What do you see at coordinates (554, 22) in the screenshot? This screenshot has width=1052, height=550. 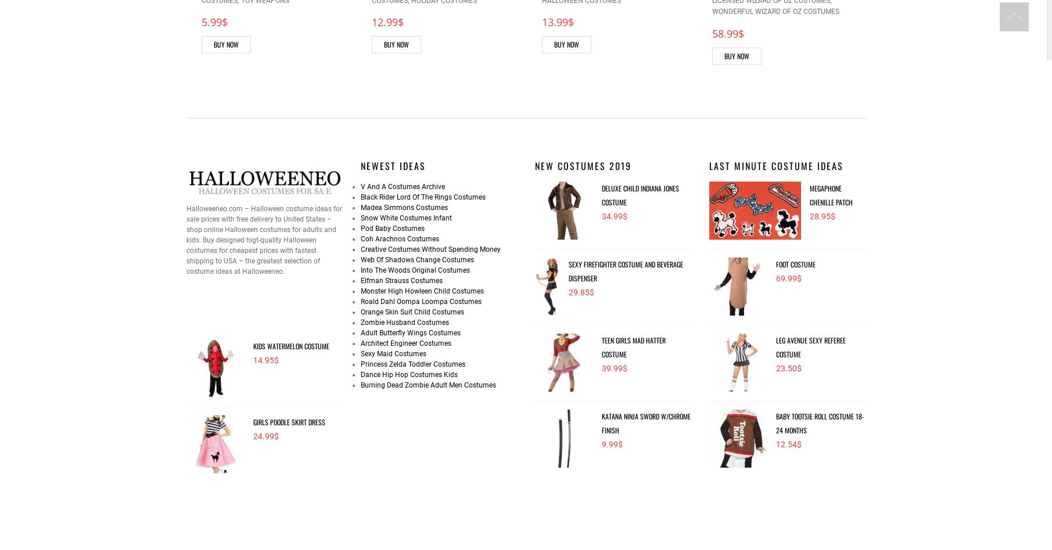 I see `'13.99'` at bounding box center [554, 22].